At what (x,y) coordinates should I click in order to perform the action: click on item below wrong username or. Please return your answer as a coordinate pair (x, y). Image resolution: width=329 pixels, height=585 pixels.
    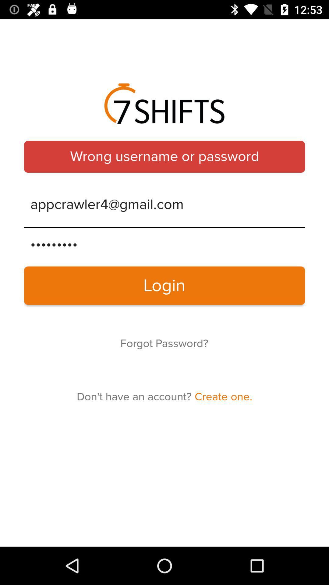
    Looking at the image, I should click on (164, 205).